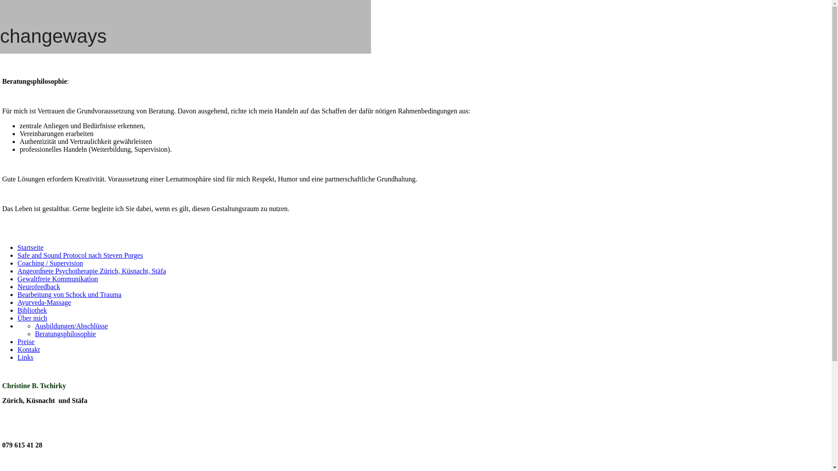 The width and height of the screenshot is (838, 471). I want to click on 'Links', so click(25, 357).